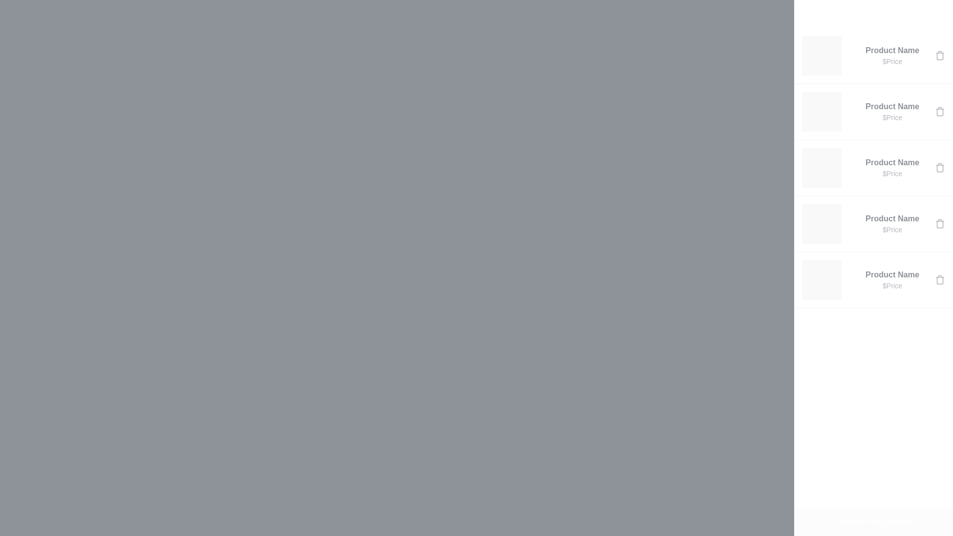 The height and width of the screenshot is (536, 953). I want to click on the Trash Bin icon, which is the rightmost item in the row displaying product information, to initiate a delete action, so click(940, 279).